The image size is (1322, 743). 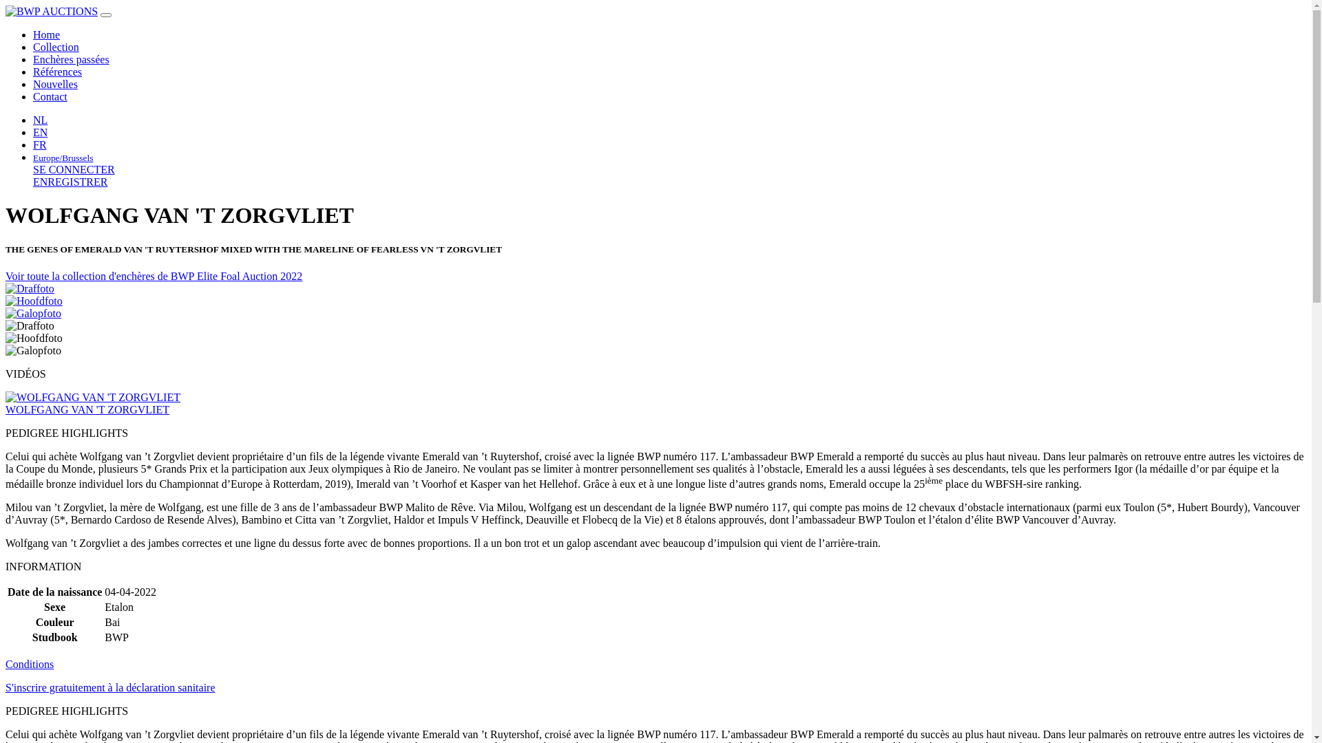 I want to click on 'SE CONNECTER', so click(x=73, y=169).